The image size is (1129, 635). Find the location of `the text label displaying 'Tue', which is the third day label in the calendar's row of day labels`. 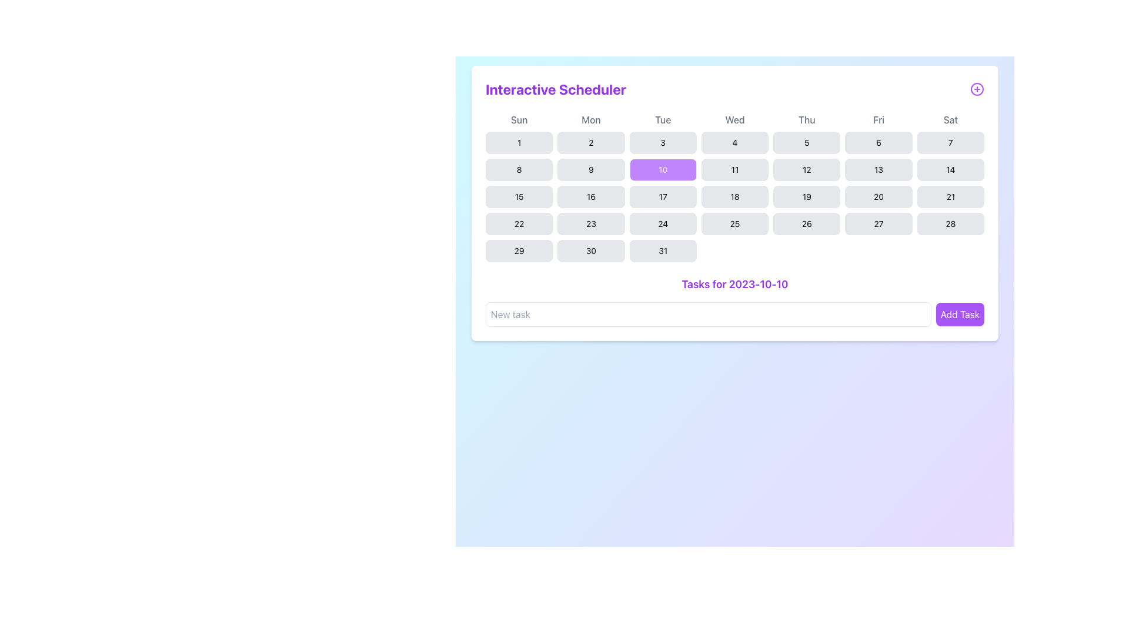

the text label displaying 'Tue', which is the third day label in the calendar's row of day labels is located at coordinates (663, 120).